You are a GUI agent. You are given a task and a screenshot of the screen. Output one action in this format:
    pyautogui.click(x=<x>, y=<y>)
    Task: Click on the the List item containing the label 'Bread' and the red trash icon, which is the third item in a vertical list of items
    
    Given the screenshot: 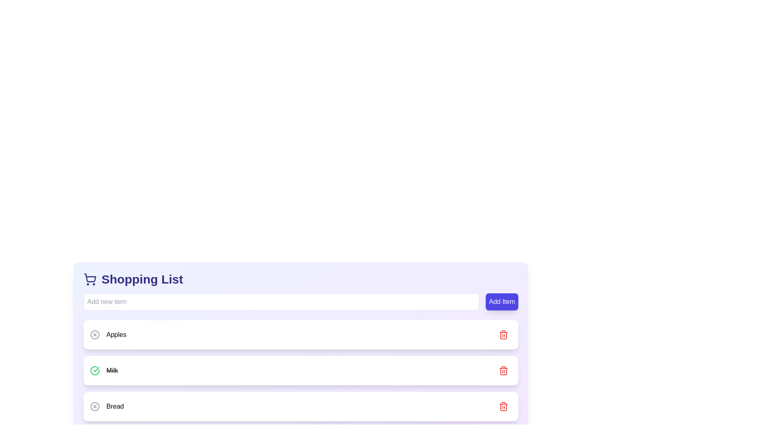 What is the action you would take?
    pyautogui.click(x=301, y=407)
    